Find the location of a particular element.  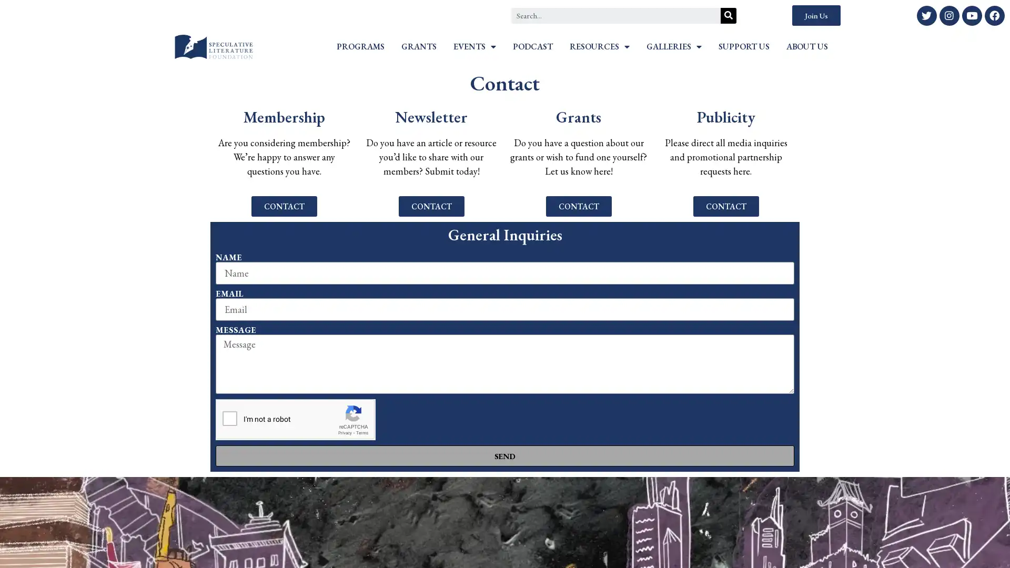

SEND is located at coordinates (505, 455).